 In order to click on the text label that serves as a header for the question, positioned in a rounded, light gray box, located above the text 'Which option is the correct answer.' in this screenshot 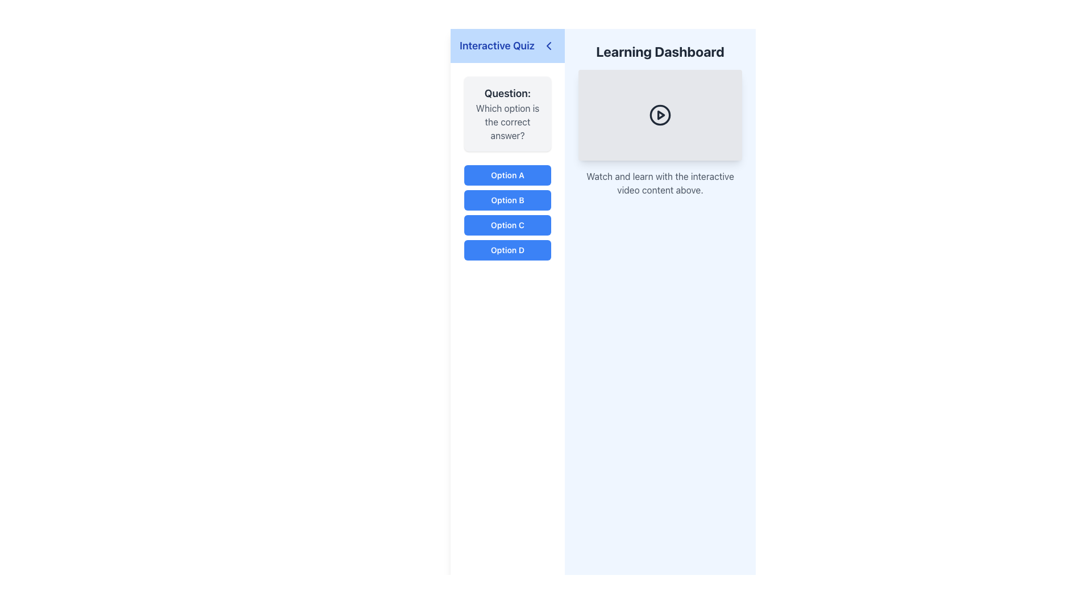, I will do `click(507, 93)`.